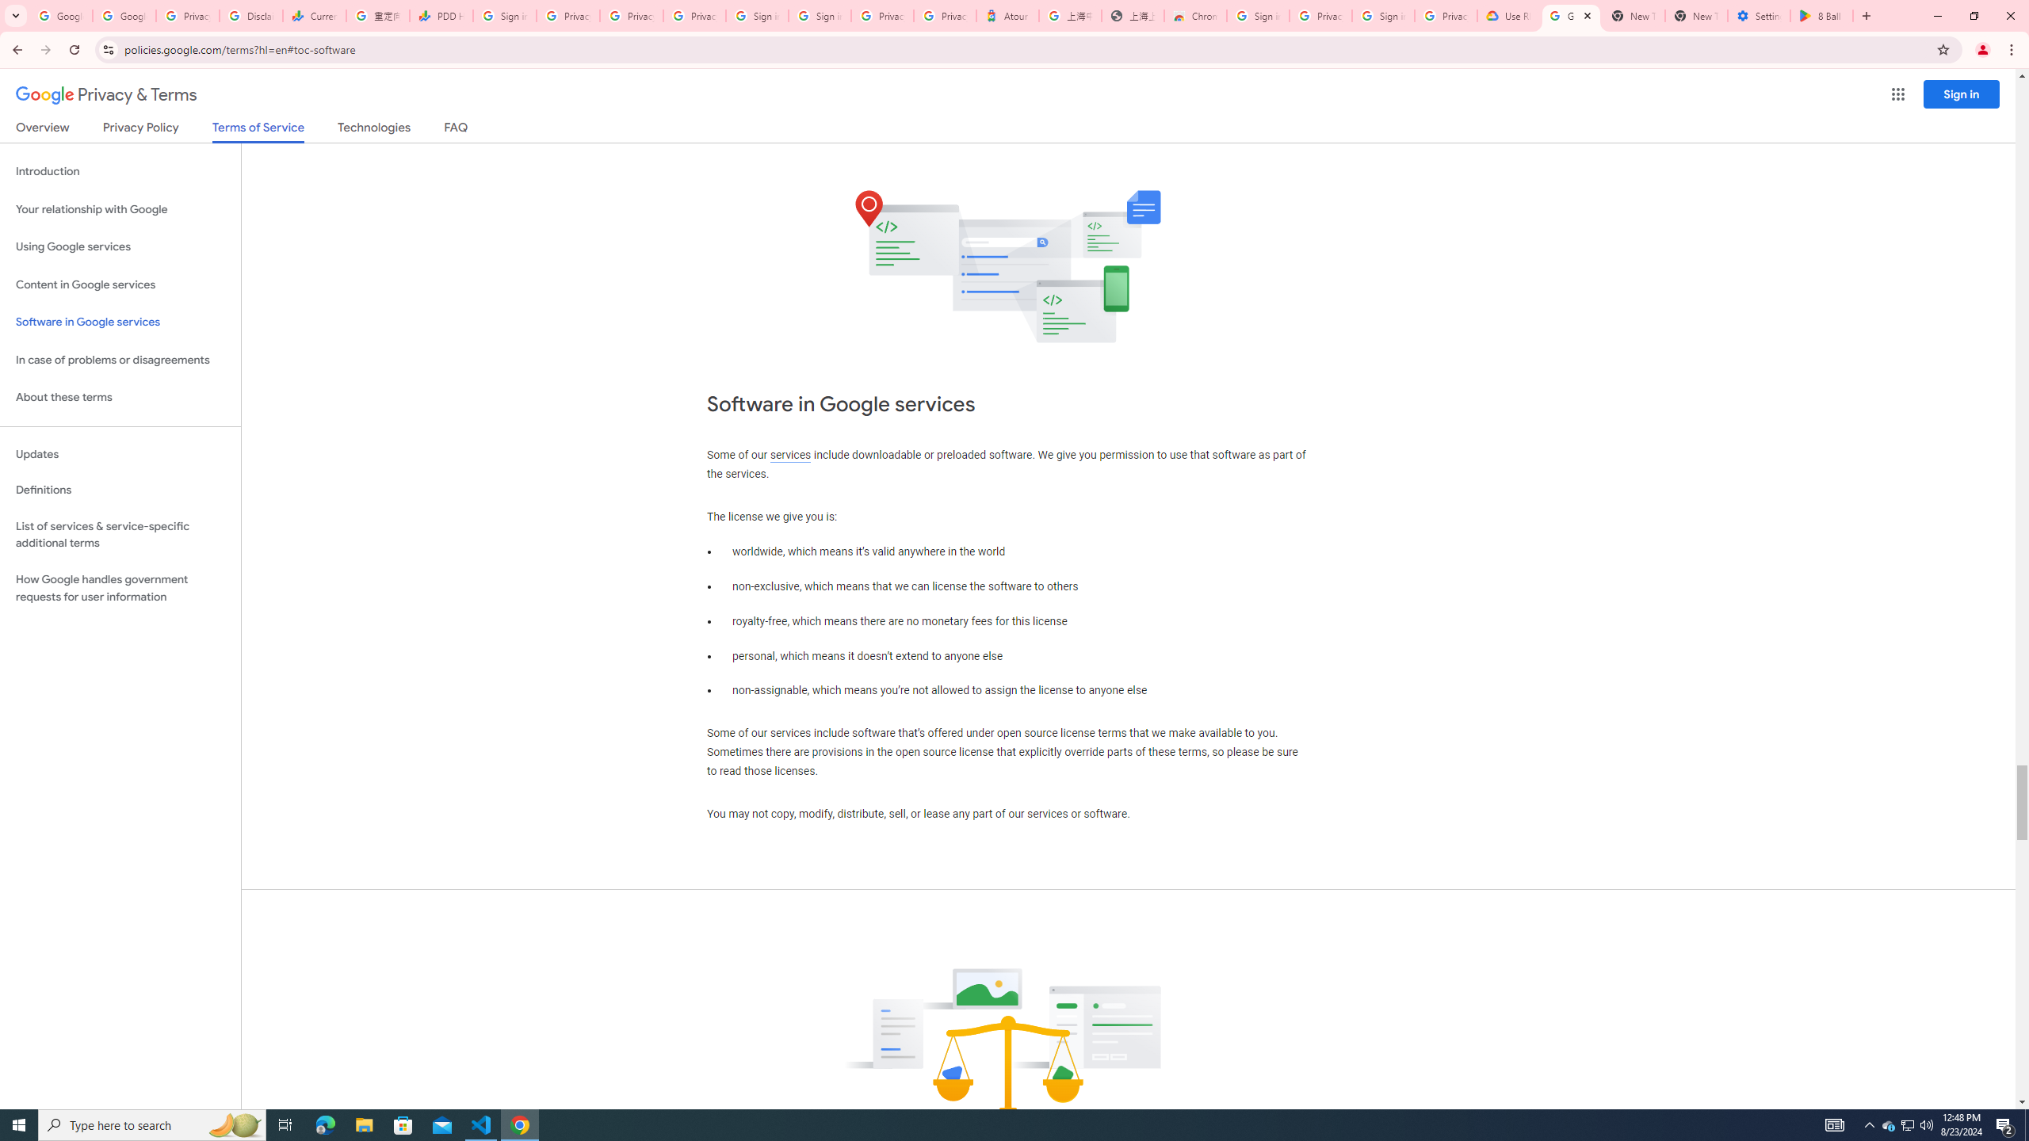  I want to click on 'Content in Google services', so click(120, 285).